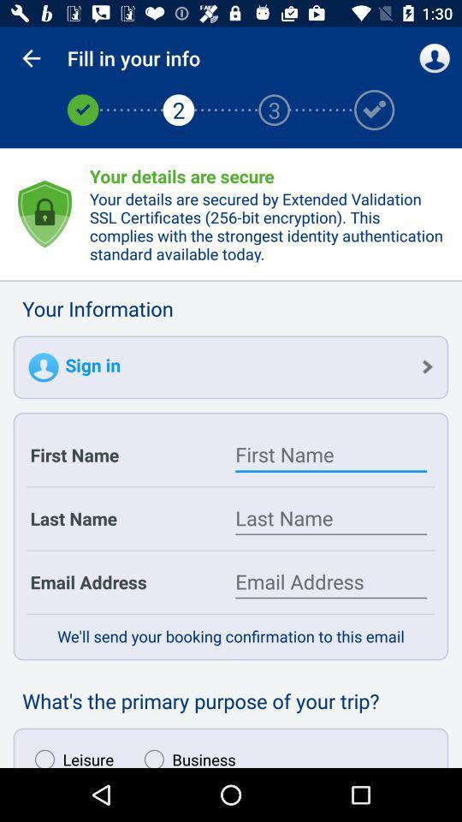 The height and width of the screenshot is (822, 462). I want to click on first name text box, so click(331, 454).